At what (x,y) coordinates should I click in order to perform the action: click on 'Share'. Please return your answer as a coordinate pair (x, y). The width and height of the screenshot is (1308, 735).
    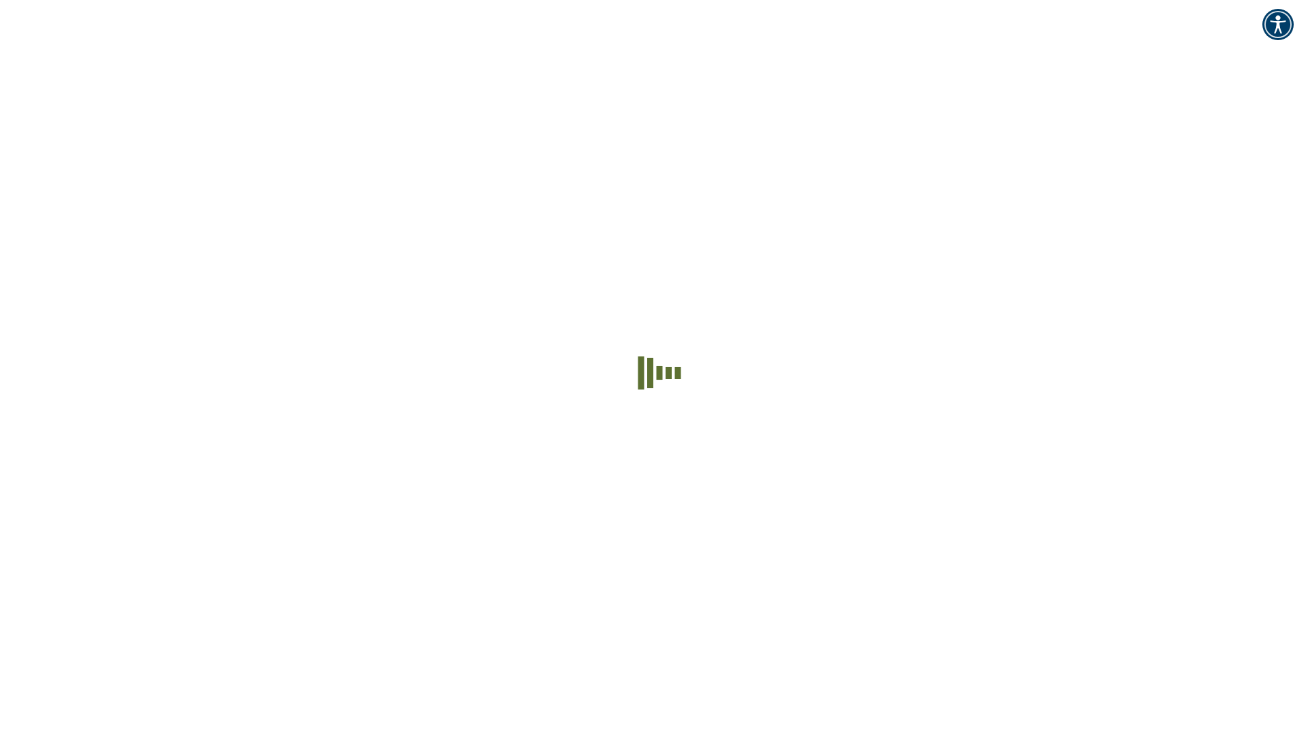
    Looking at the image, I should click on (24, 575).